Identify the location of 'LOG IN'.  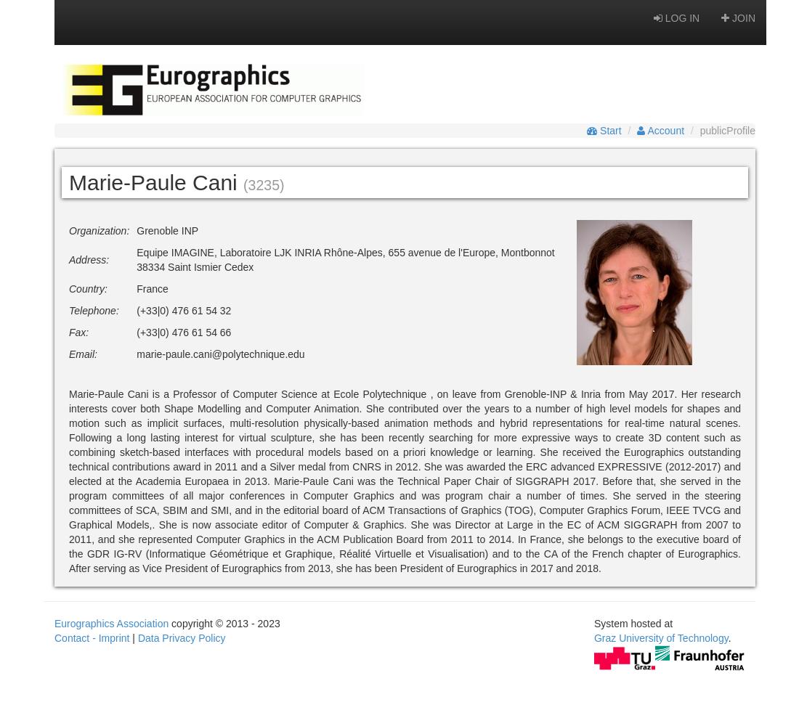
(680, 18).